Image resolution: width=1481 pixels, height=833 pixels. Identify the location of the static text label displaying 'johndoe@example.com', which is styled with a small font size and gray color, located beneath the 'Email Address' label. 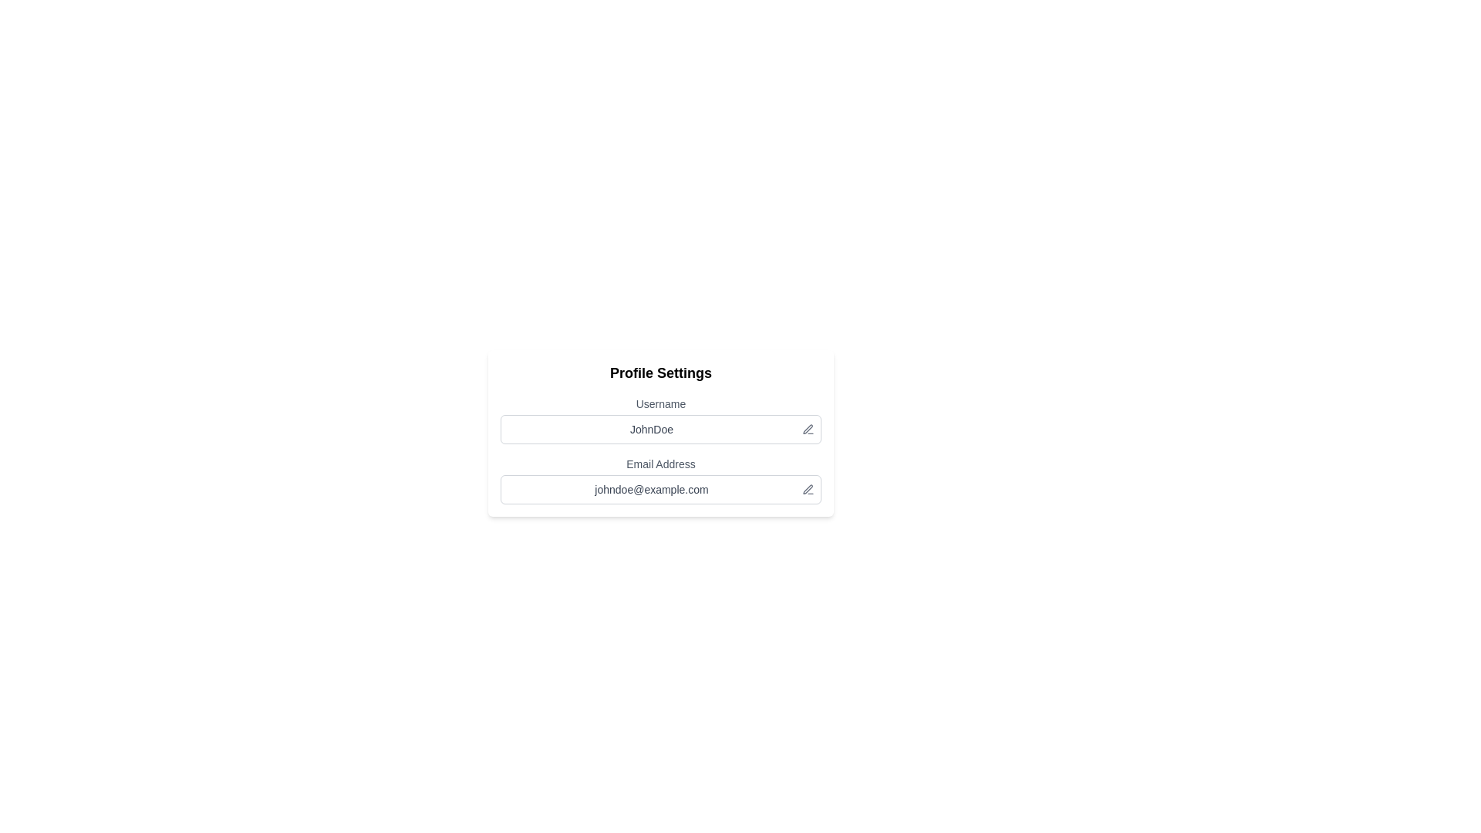
(651, 490).